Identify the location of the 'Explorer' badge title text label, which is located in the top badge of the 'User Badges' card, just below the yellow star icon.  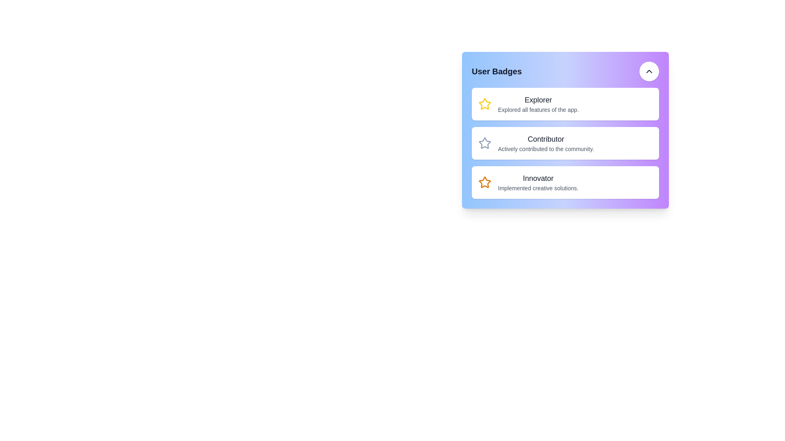
(538, 100).